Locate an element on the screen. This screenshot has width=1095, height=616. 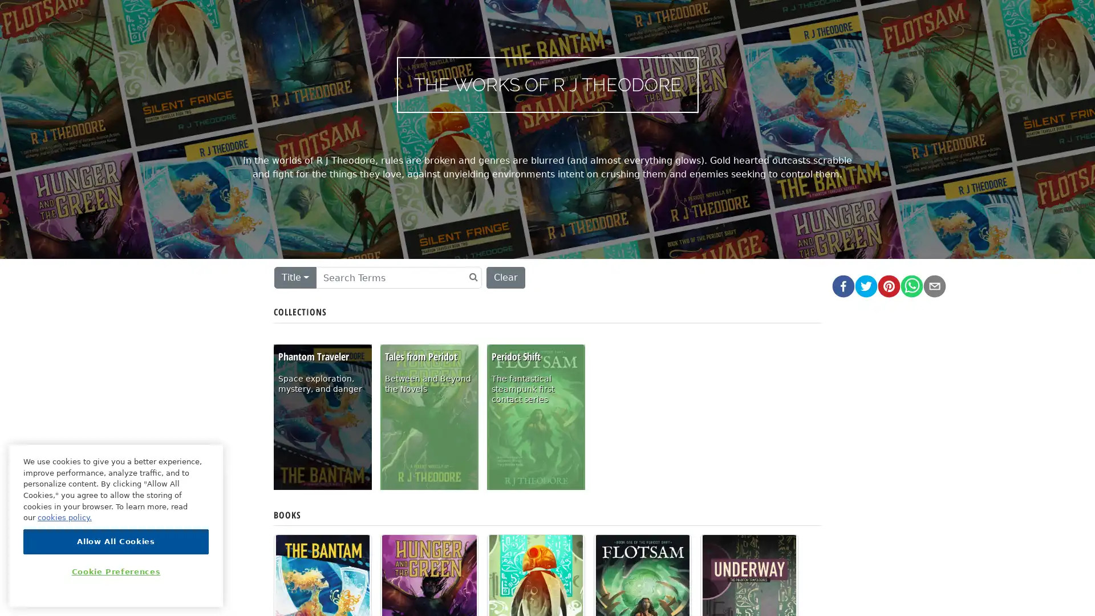
Cookie Preferences is located at coordinates (116, 572).